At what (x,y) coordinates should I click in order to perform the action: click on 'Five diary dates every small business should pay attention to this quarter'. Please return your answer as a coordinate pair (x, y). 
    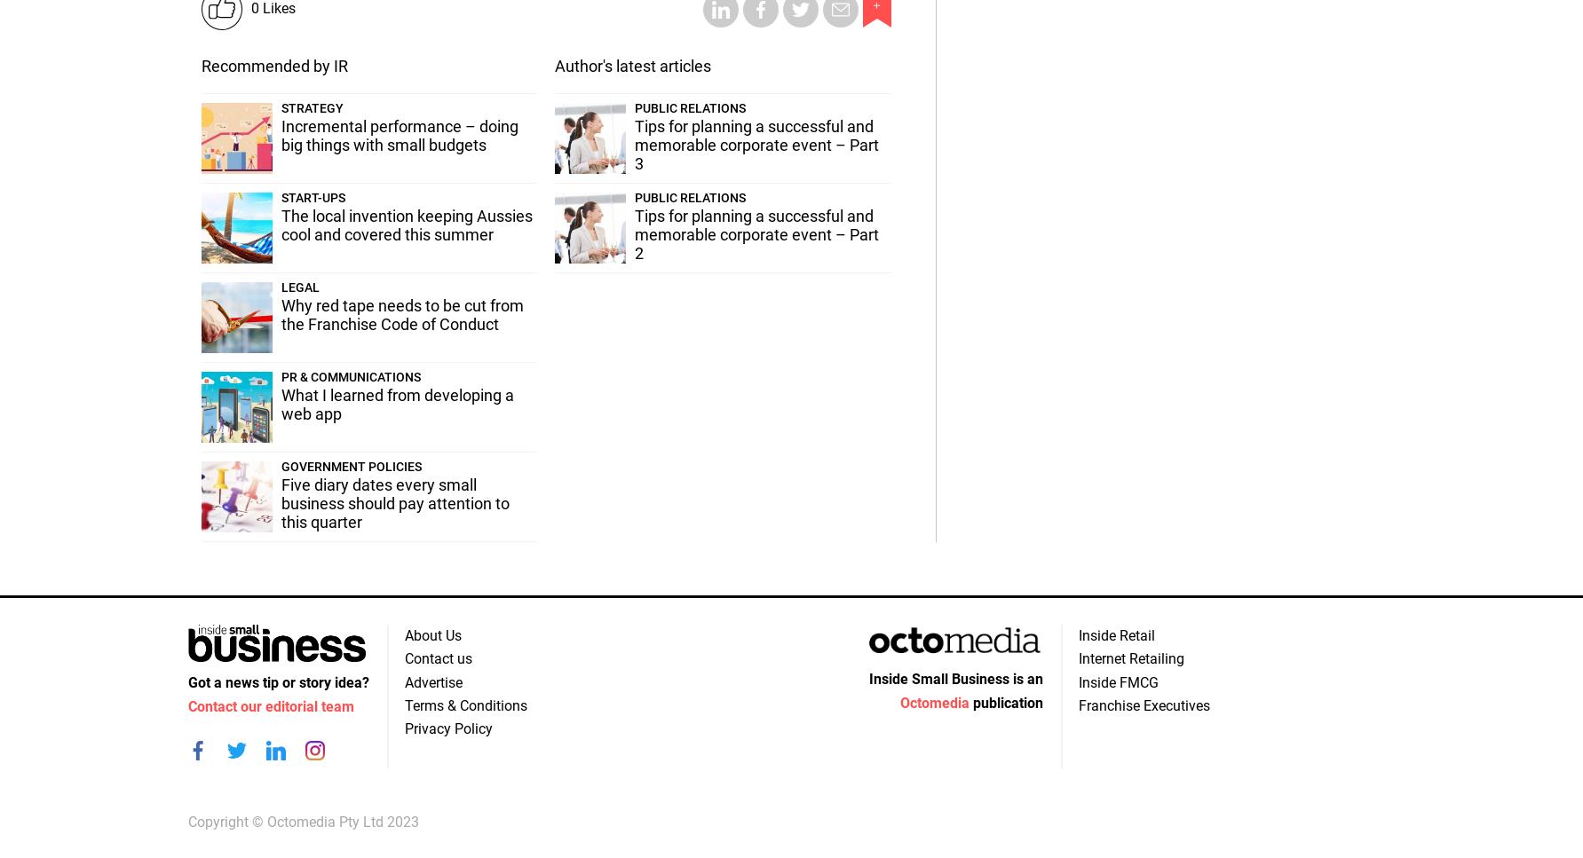
    Looking at the image, I should click on (394, 502).